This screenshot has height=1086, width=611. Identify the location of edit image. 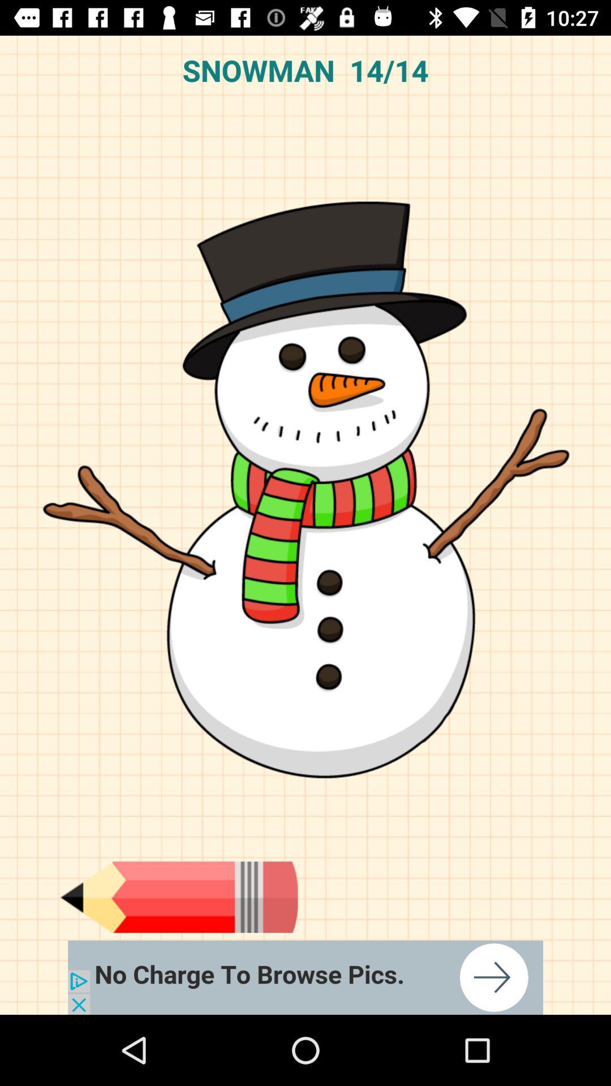
(178, 897).